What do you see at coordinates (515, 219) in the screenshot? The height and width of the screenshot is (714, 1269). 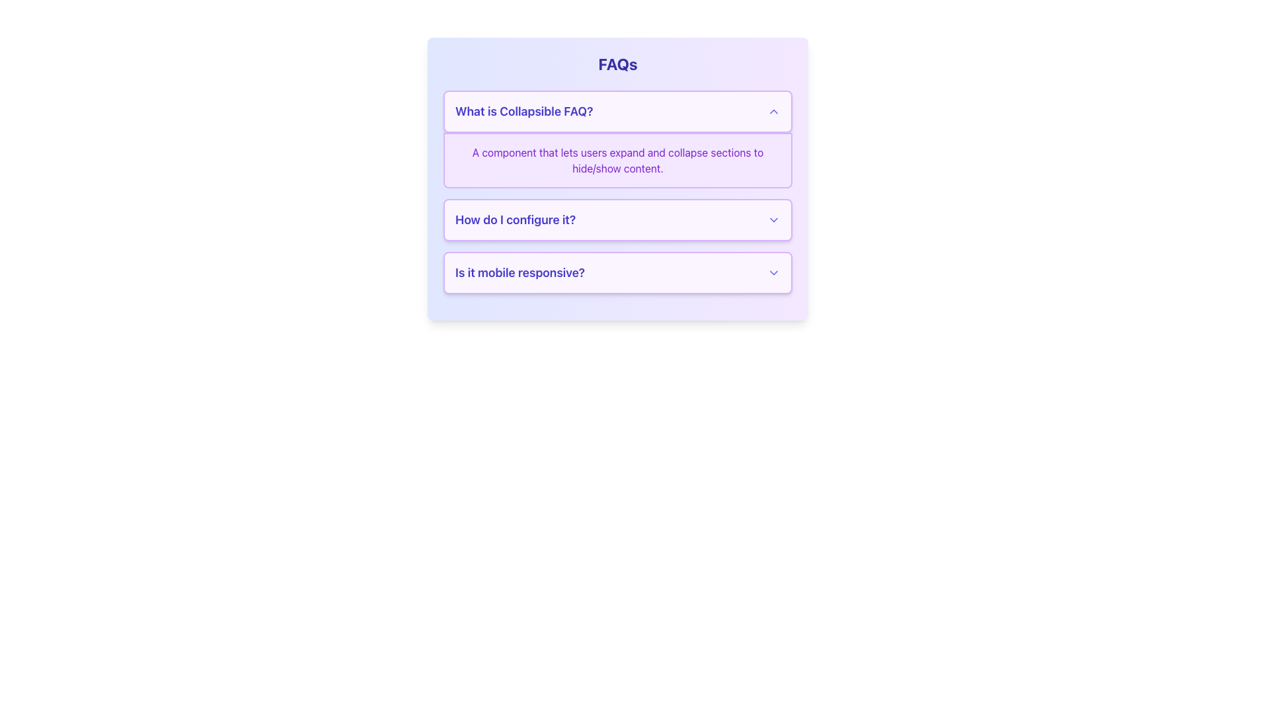 I see `the text label that serves as the visible question prompt for the second collapsible FAQ section` at bounding box center [515, 219].